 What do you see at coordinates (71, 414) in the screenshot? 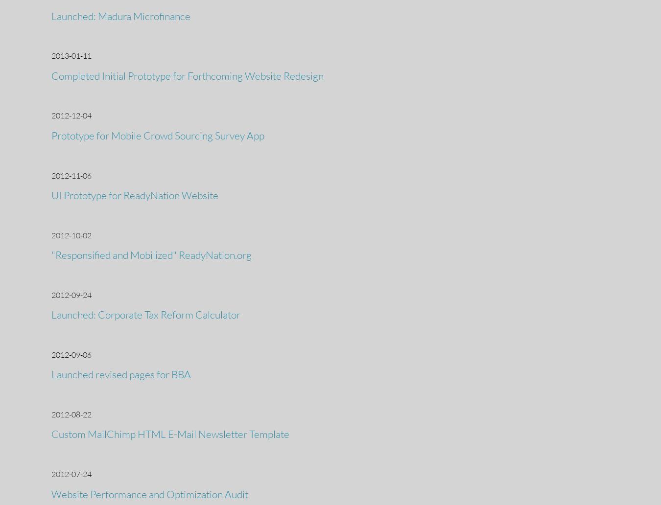
I see `'2012-08-22'` at bounding box center [71, 414].